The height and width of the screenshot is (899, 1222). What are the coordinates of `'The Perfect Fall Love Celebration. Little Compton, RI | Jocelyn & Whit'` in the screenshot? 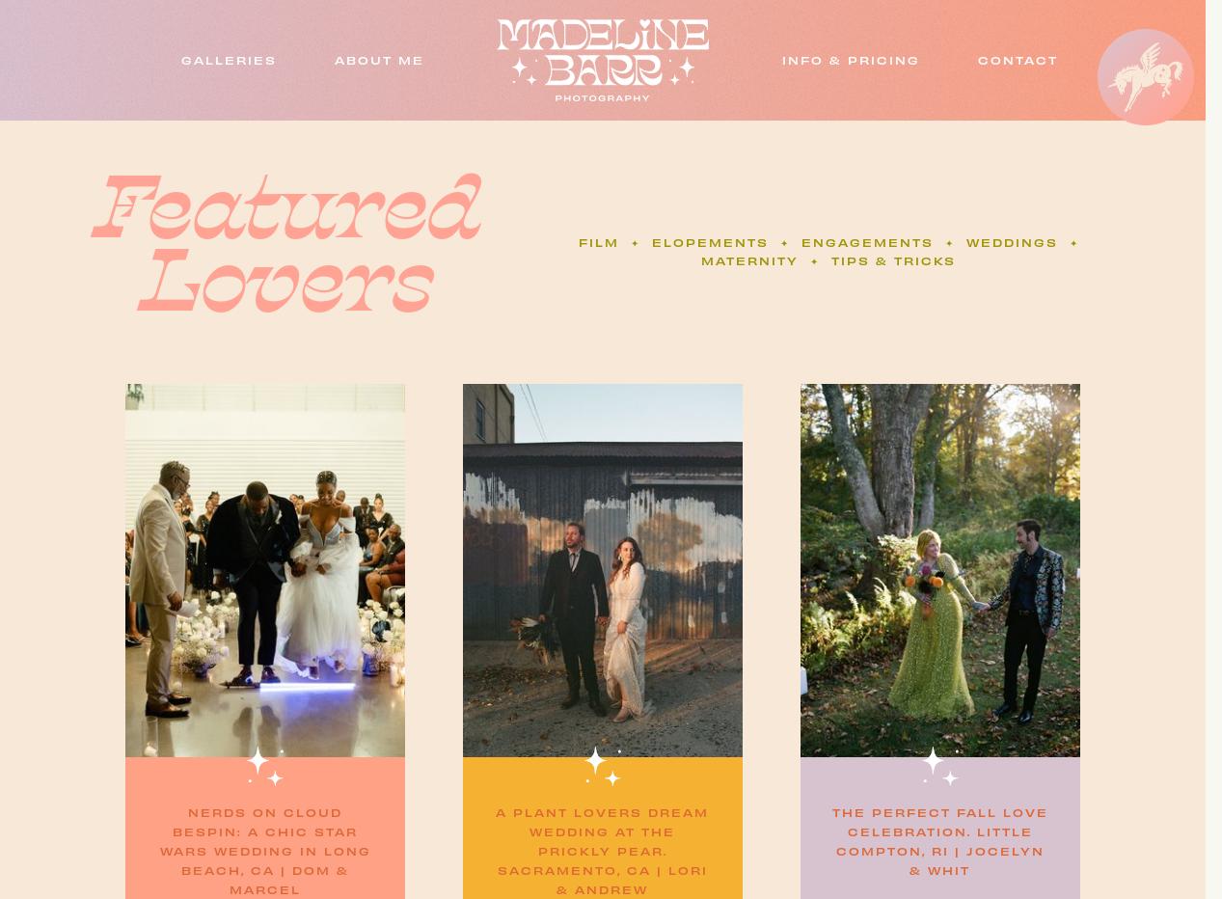 It's located at (937, 839).